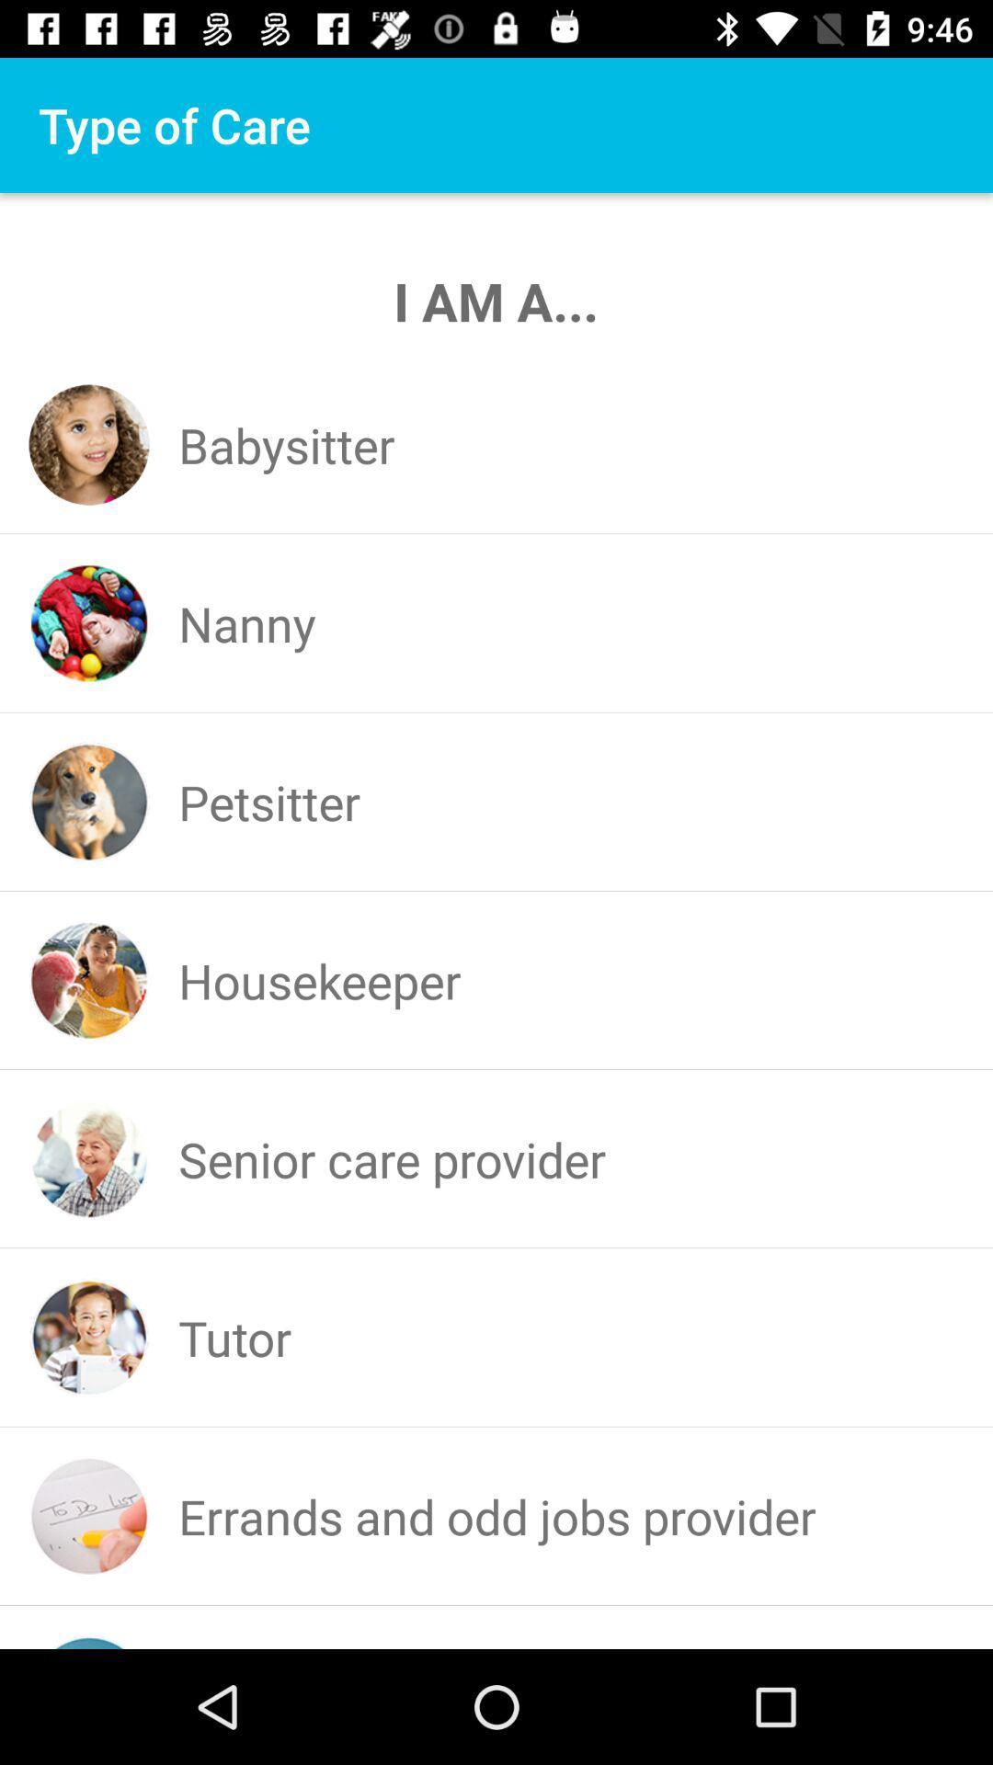  What do you see at coordinates (318, 979) in the screenshot?
I see `housekeeper item` at bounding box center [318, 979].